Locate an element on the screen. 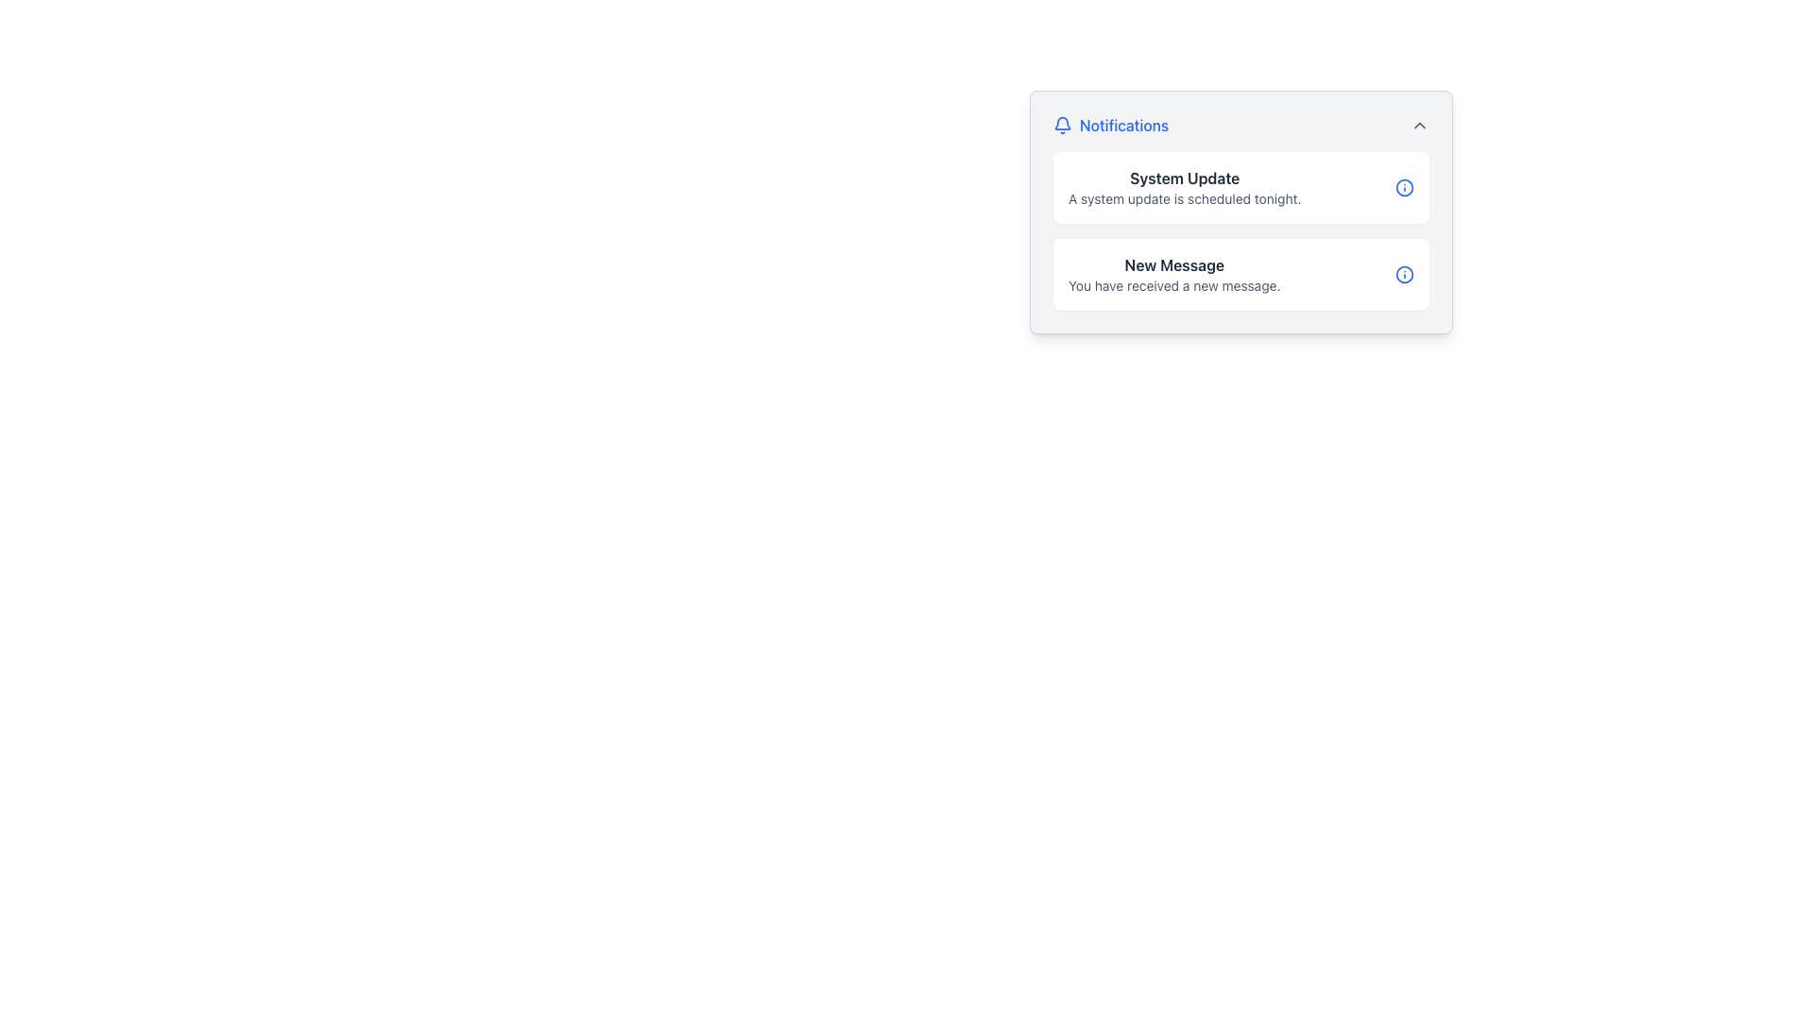 The width and height of the screenshot is (1814, 1020). notification text displayed in the text block located in the second notification item, positioned below the 'System Update' notification is located at coordinates (1173, 274).